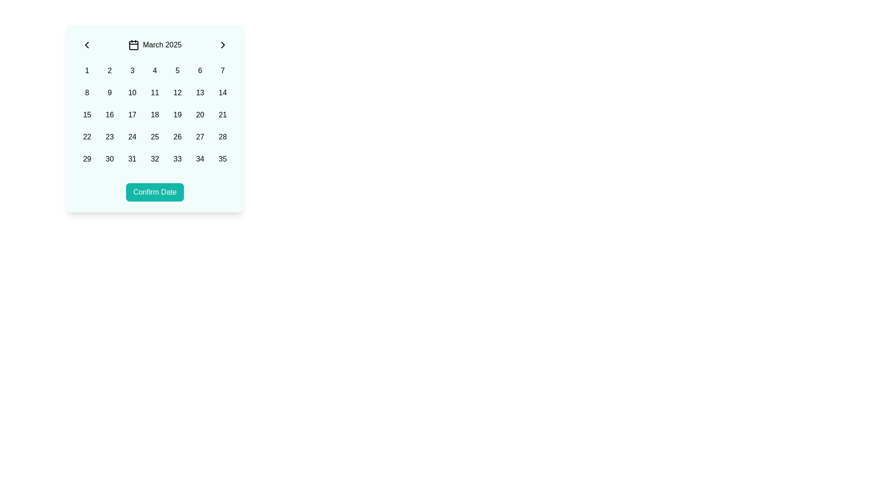 The image size is (883, 497). Describe the element at coordinates (155, 45) in the screenshot. I see `the static text label indicating the currently selected month and year in the date-selection interface` at that location.